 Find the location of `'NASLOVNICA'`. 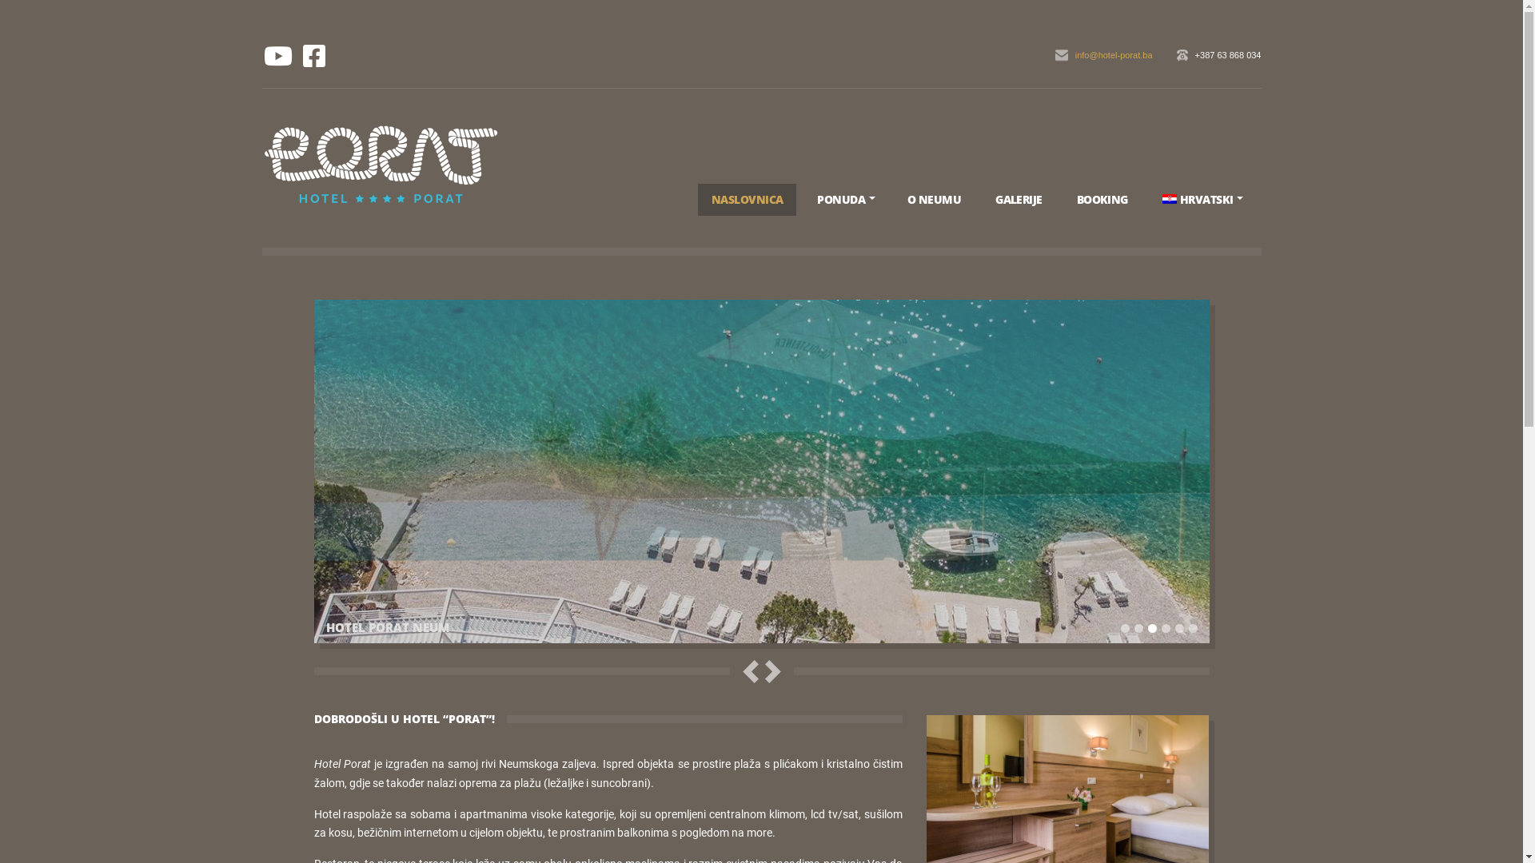

'NASLOVNICA' is located at coordinates (746, 199).